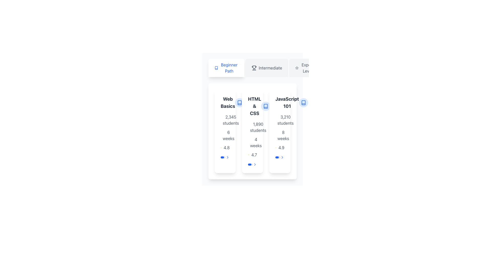 The image size is (491, 276). Describe the element at coordinates (228, 135) in the screenshot. I see `the text label that reads '6 weeks', which is styled with a standard font and gray color, located below the '2,345 students' text in the first card of the course details` at that location.